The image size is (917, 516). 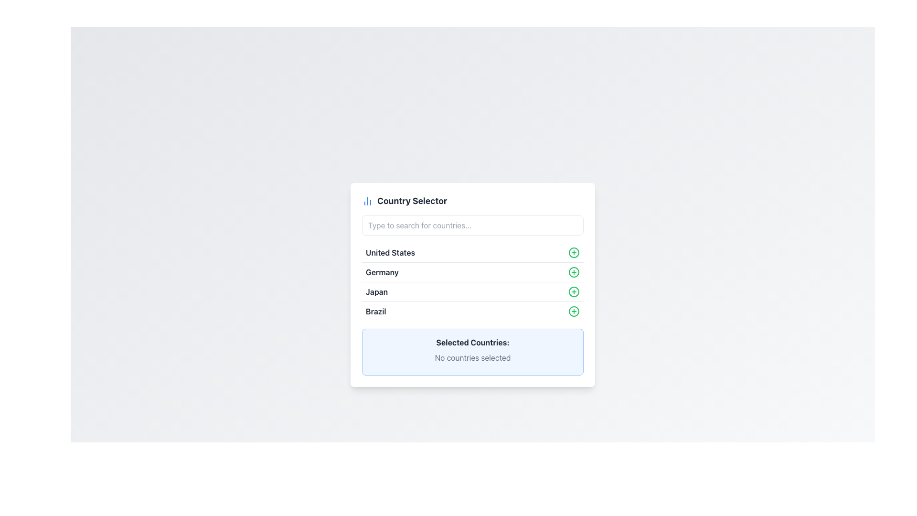 I want to click on the text heading 'Country Selector', which is prominently displayed in a bold dark gray font and positioned in the top center of the selection menu, so click(x=412, y=200).